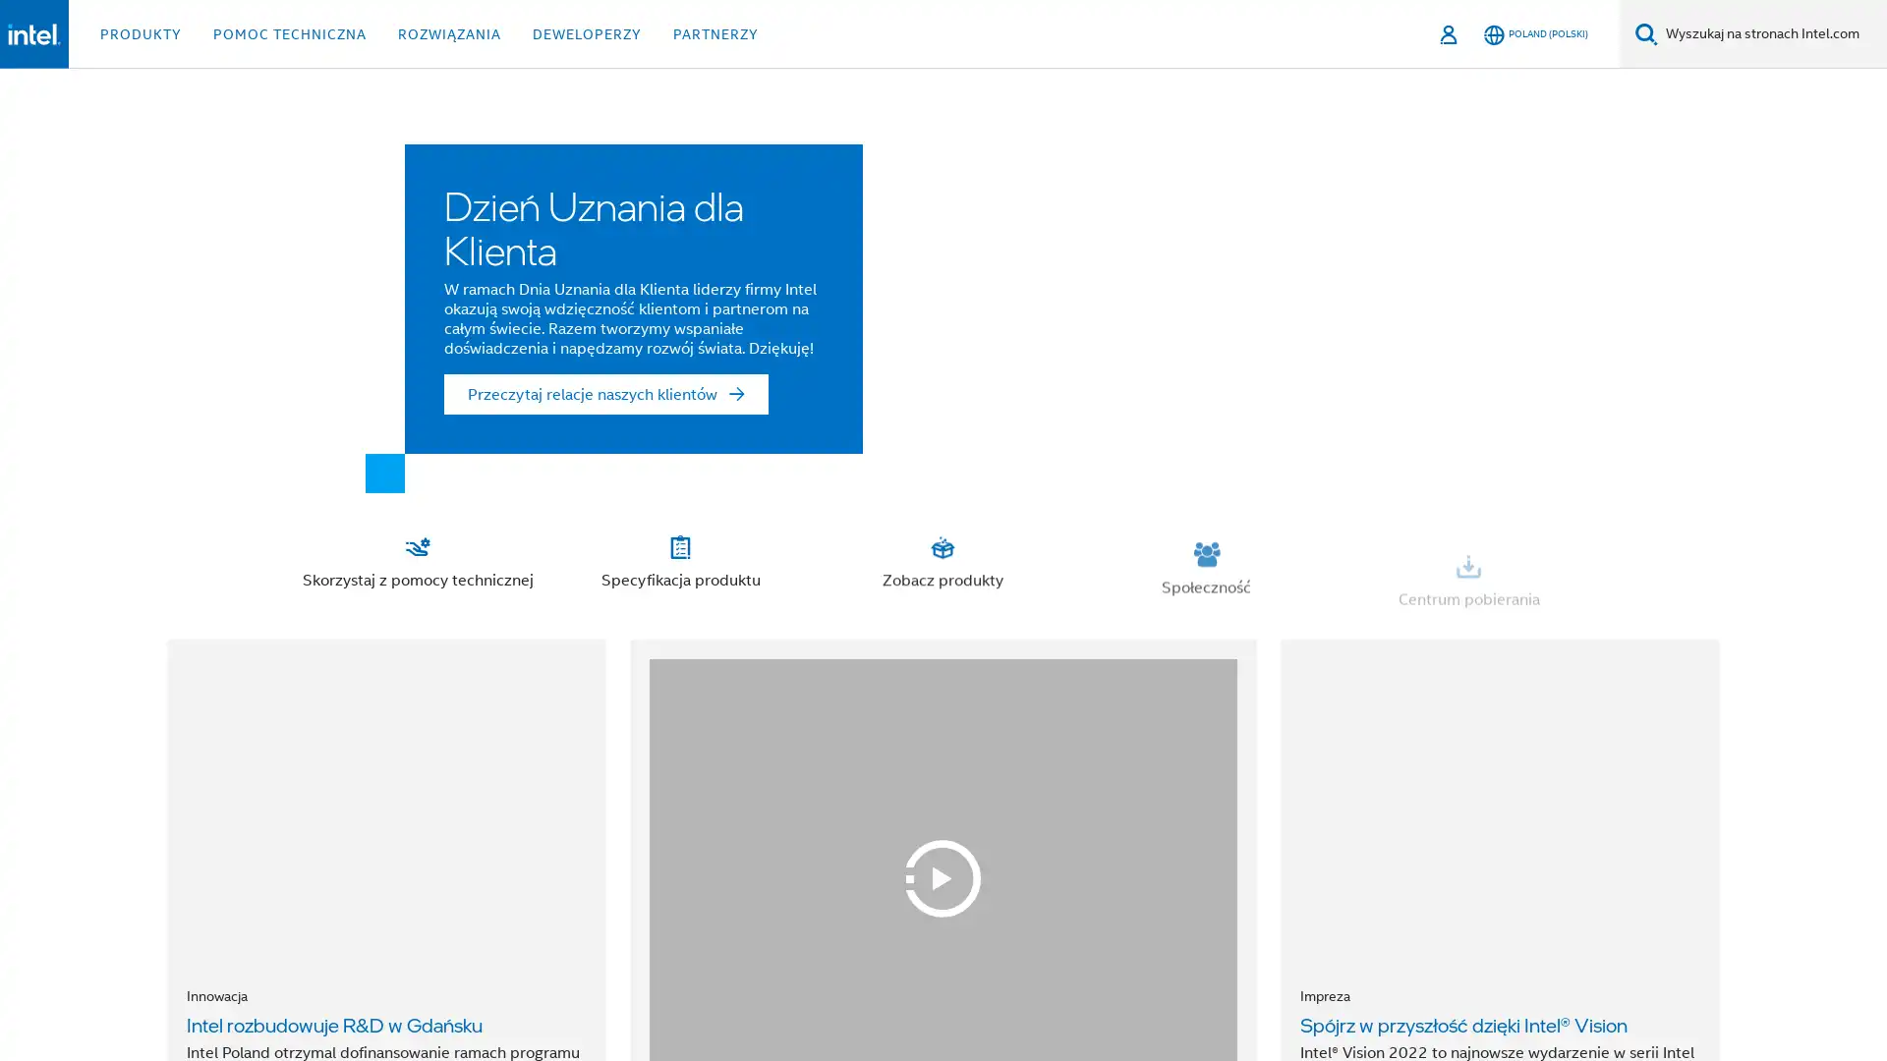  Describe the element at coordinates (1646, 33) in the screenshot. I see `Search` at that location.